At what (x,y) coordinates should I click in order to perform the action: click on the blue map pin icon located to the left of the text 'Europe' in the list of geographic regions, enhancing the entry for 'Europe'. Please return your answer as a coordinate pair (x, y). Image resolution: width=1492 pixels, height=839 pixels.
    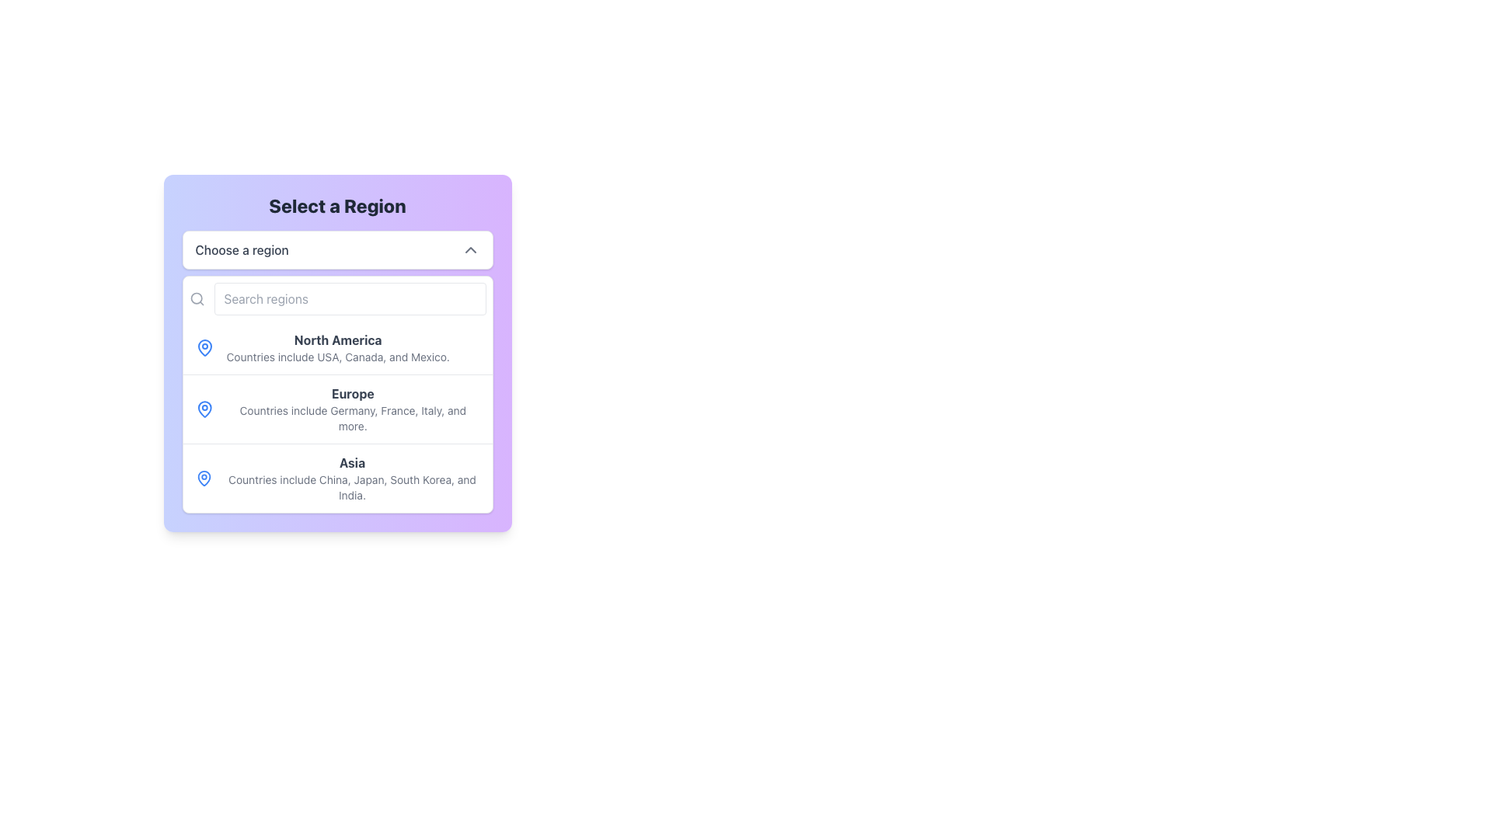
    Looking at the image, I should click on (204, 409).